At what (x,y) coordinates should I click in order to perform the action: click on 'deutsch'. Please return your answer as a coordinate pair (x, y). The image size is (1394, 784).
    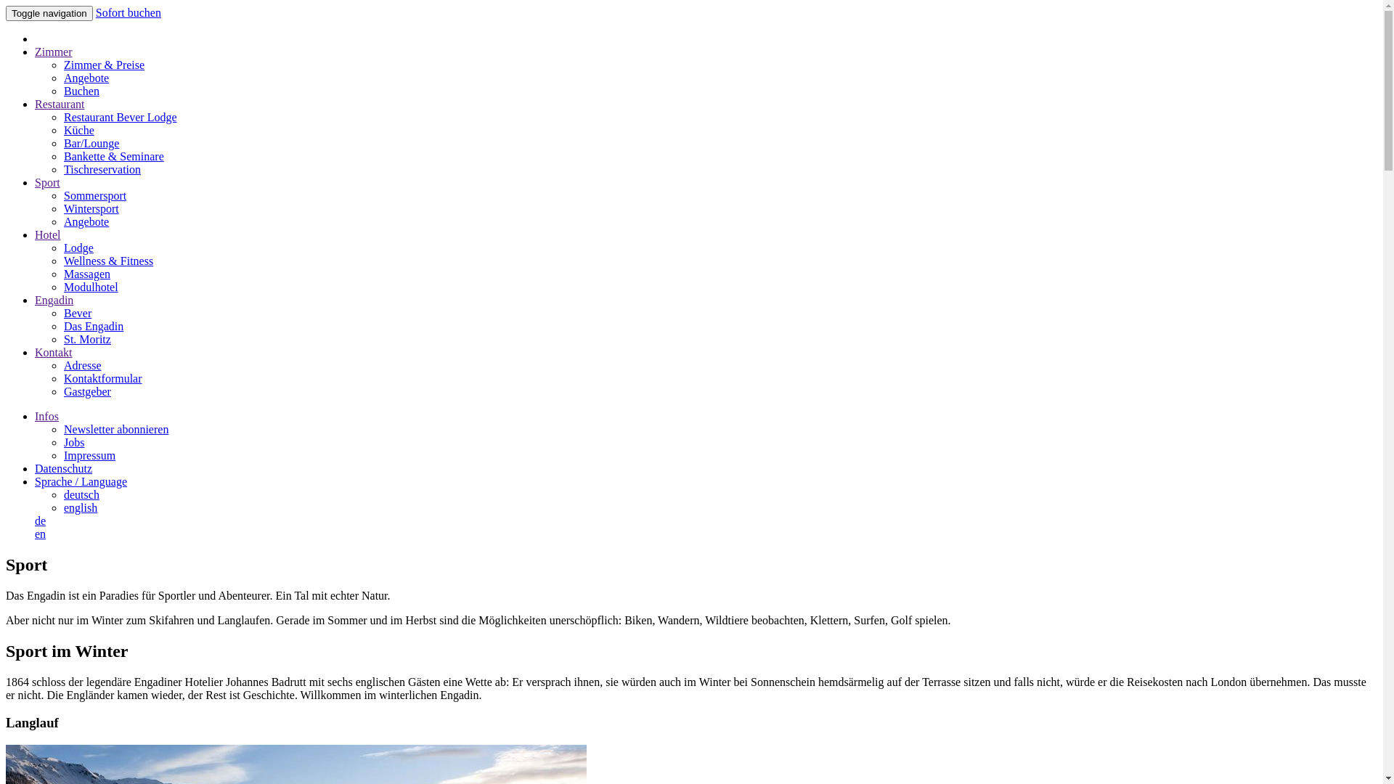
    Looking at the image, I should click on (81, 494).